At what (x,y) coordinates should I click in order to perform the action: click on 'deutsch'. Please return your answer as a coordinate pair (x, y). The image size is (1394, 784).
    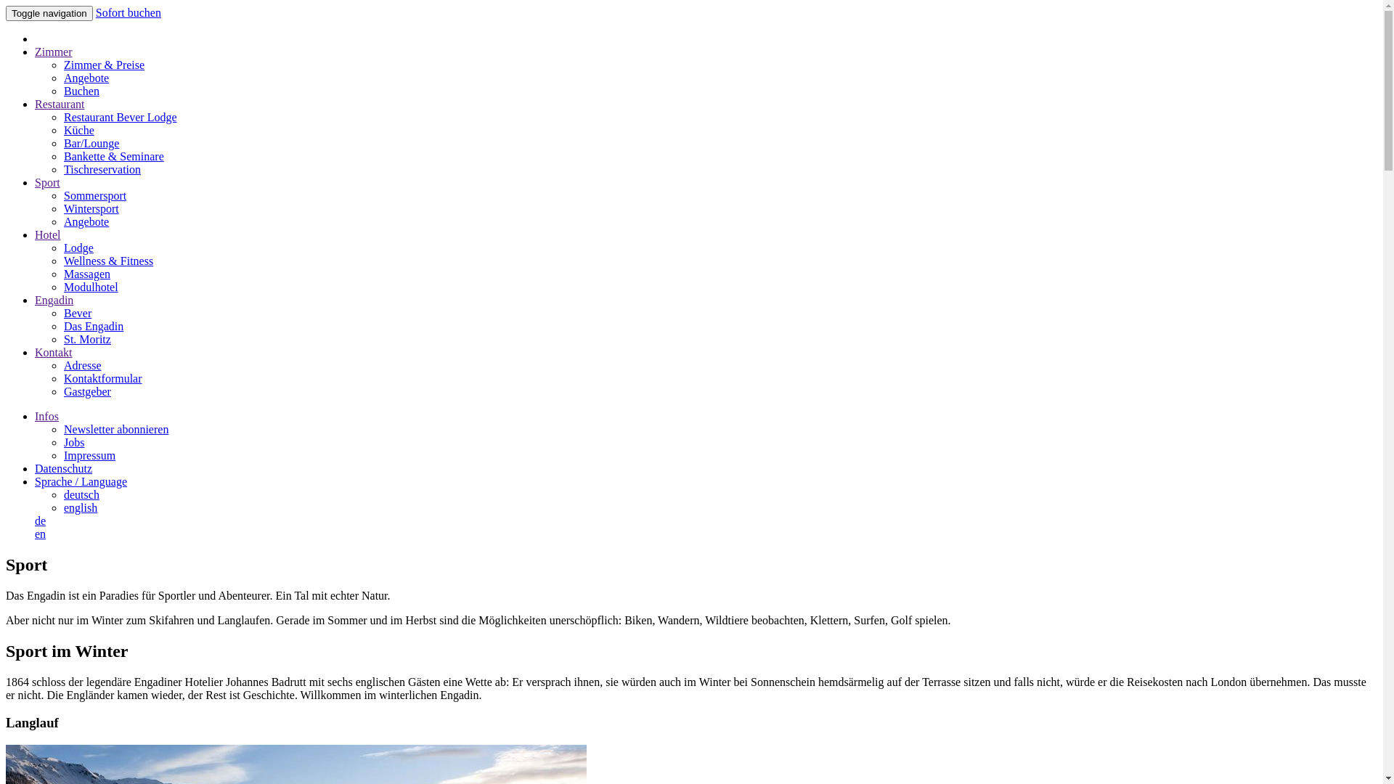
    Looking at the image, I should click on (81, 494).